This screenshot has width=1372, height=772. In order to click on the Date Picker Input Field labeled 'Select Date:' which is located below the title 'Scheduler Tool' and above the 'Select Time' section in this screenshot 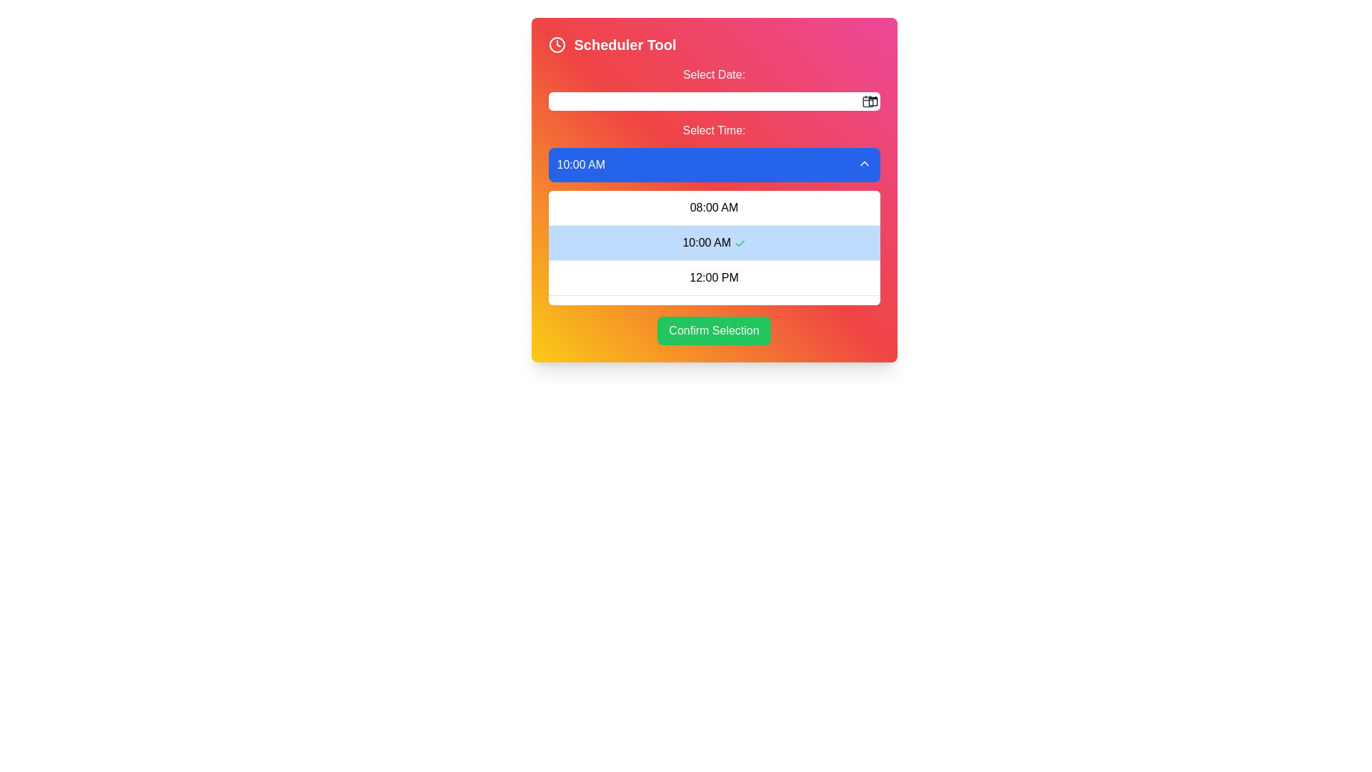, I will do `click(714, 88)`.